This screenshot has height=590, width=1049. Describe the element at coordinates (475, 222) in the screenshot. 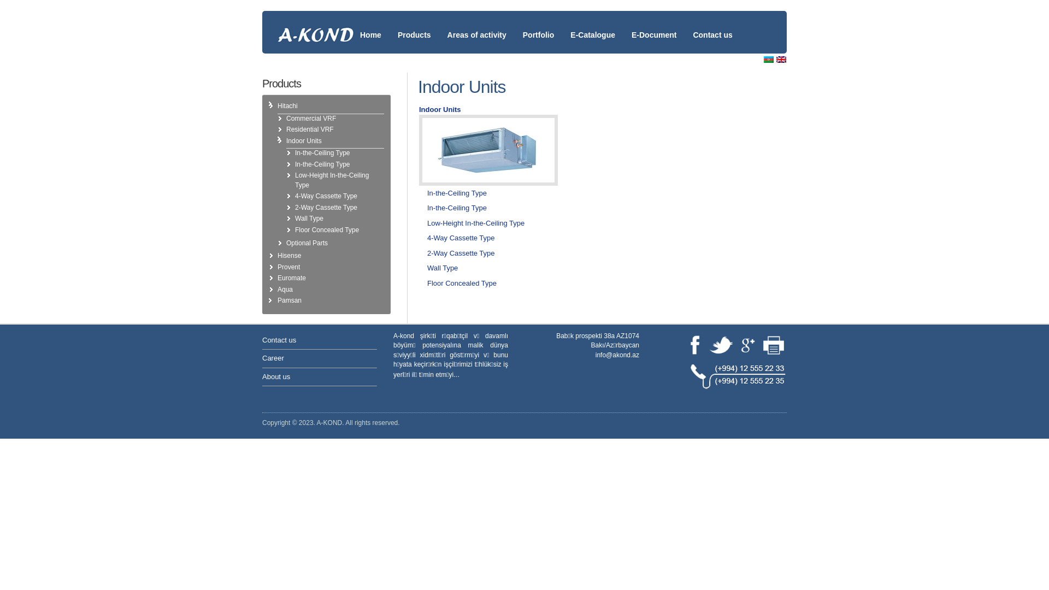

I see `'Low-Height In-the-Ceiling Type'` at that location.